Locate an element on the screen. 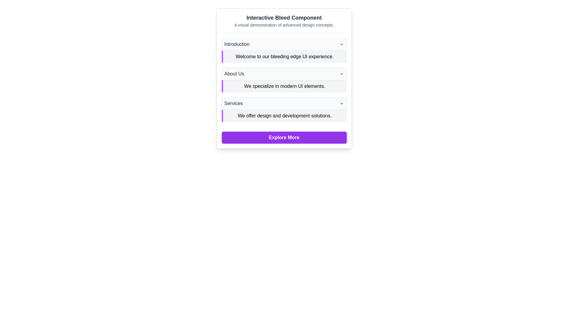  the static text block displaying the message 'We offer design and development solutions.' which is styled with a light gray background and a purple border on its left side is located at coordinates (284, 116).